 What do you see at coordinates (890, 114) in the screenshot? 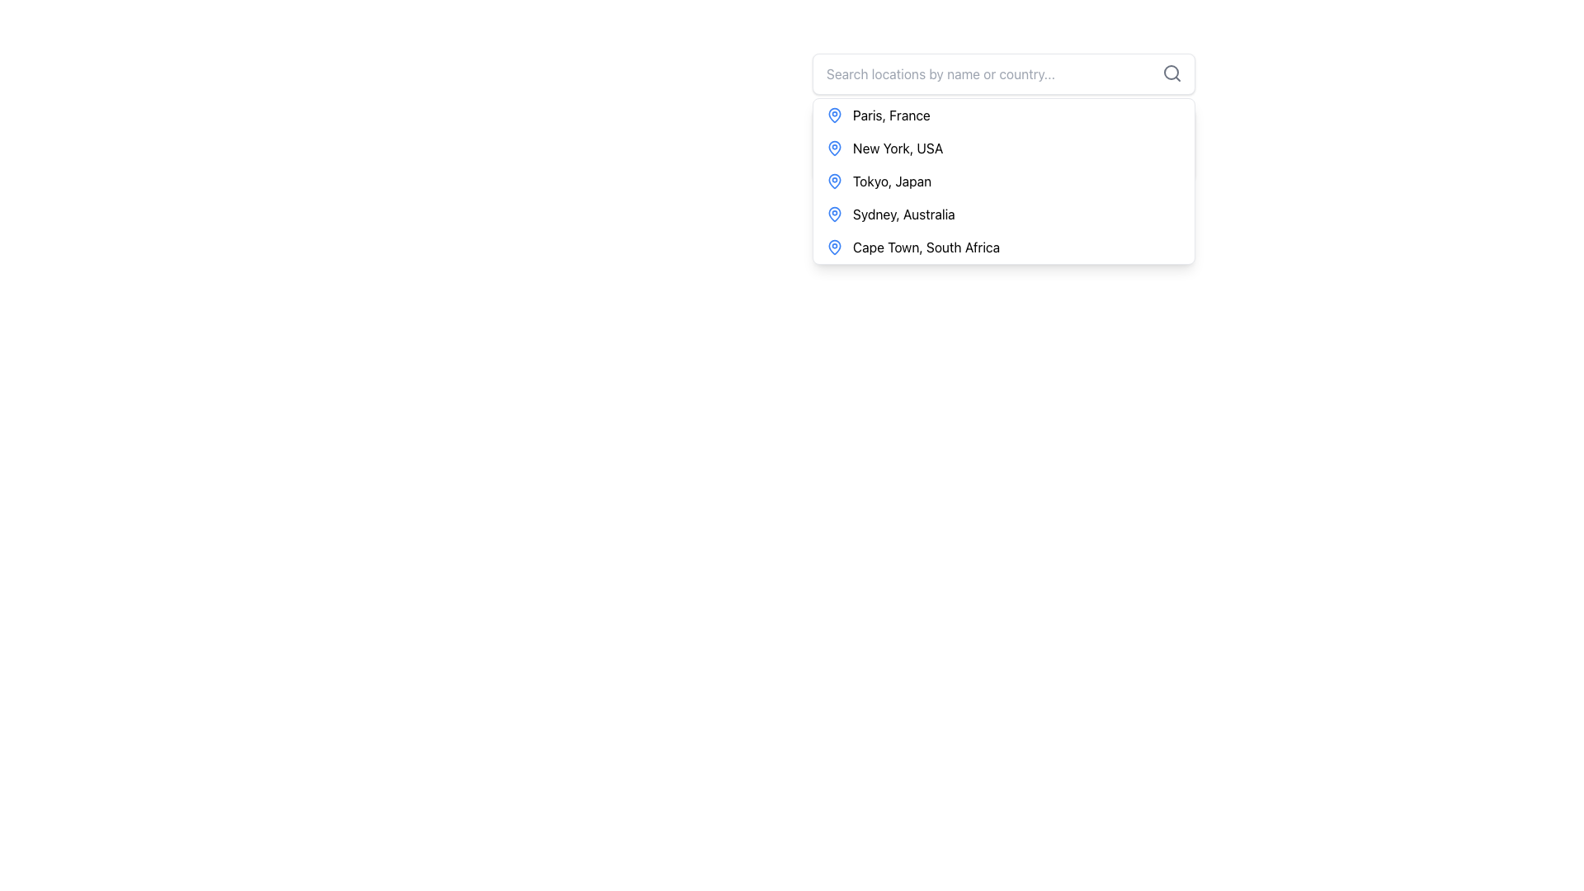
I see `the text label displaying 'Paris, France' in the dropdown menu, which is the first item in the list and aligned with a location pin icon` at bounding box center [890, 114].